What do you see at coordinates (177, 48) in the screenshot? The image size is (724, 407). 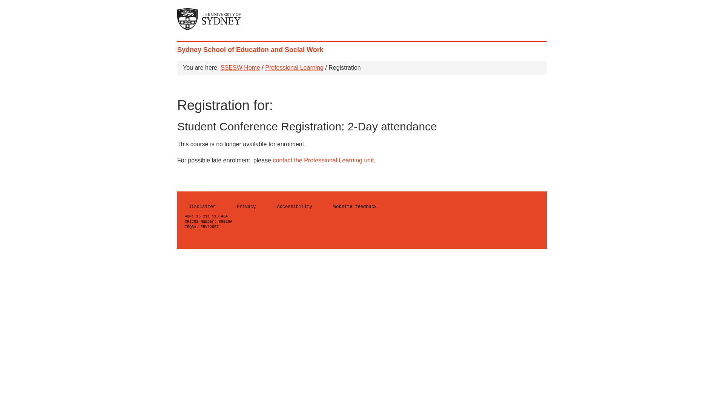 I see `'Sydney School of Education and Social Work'` at bounding box center [177, 48].